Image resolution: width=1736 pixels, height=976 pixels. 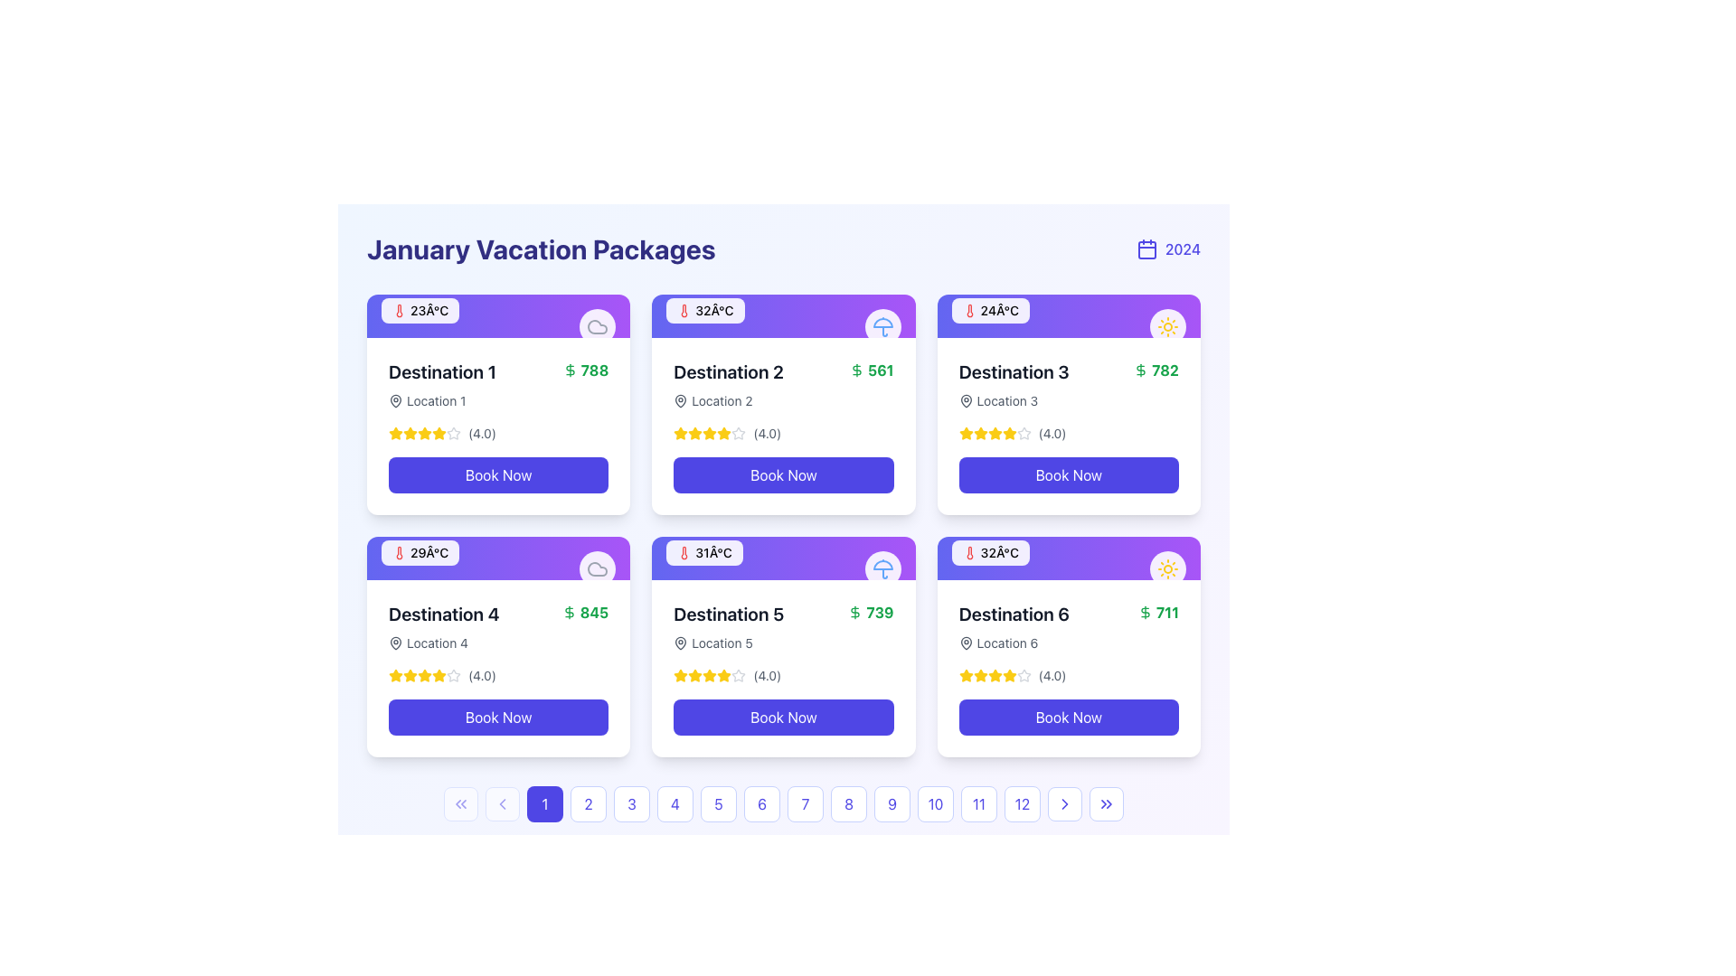 I want to click on text content of the text label component displaying the average rating score for the fifth vacation package, located to the right of the star icons, so click(x=767, y=676).